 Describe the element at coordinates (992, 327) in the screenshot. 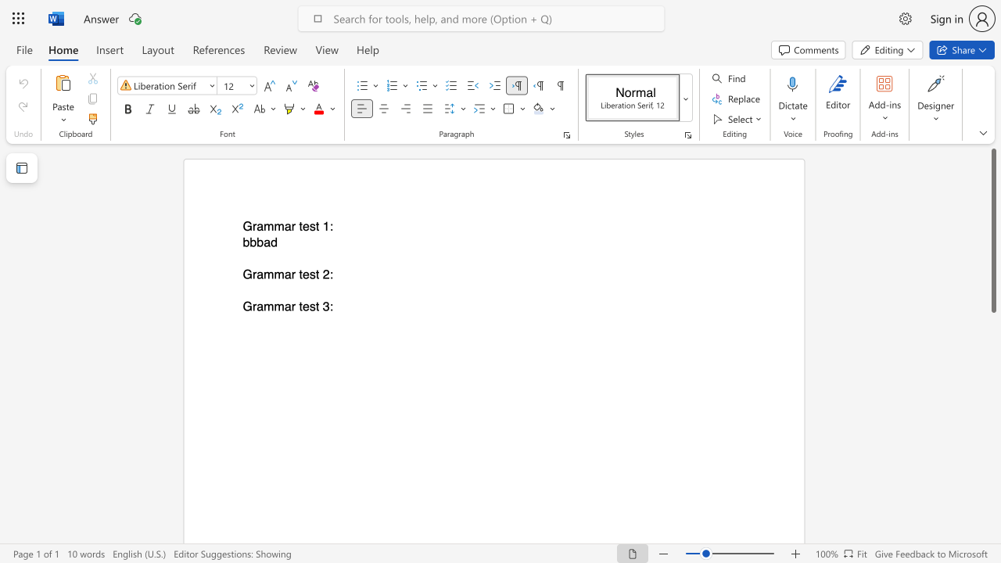

I see `the scrollbar to slide the page down` at that location.